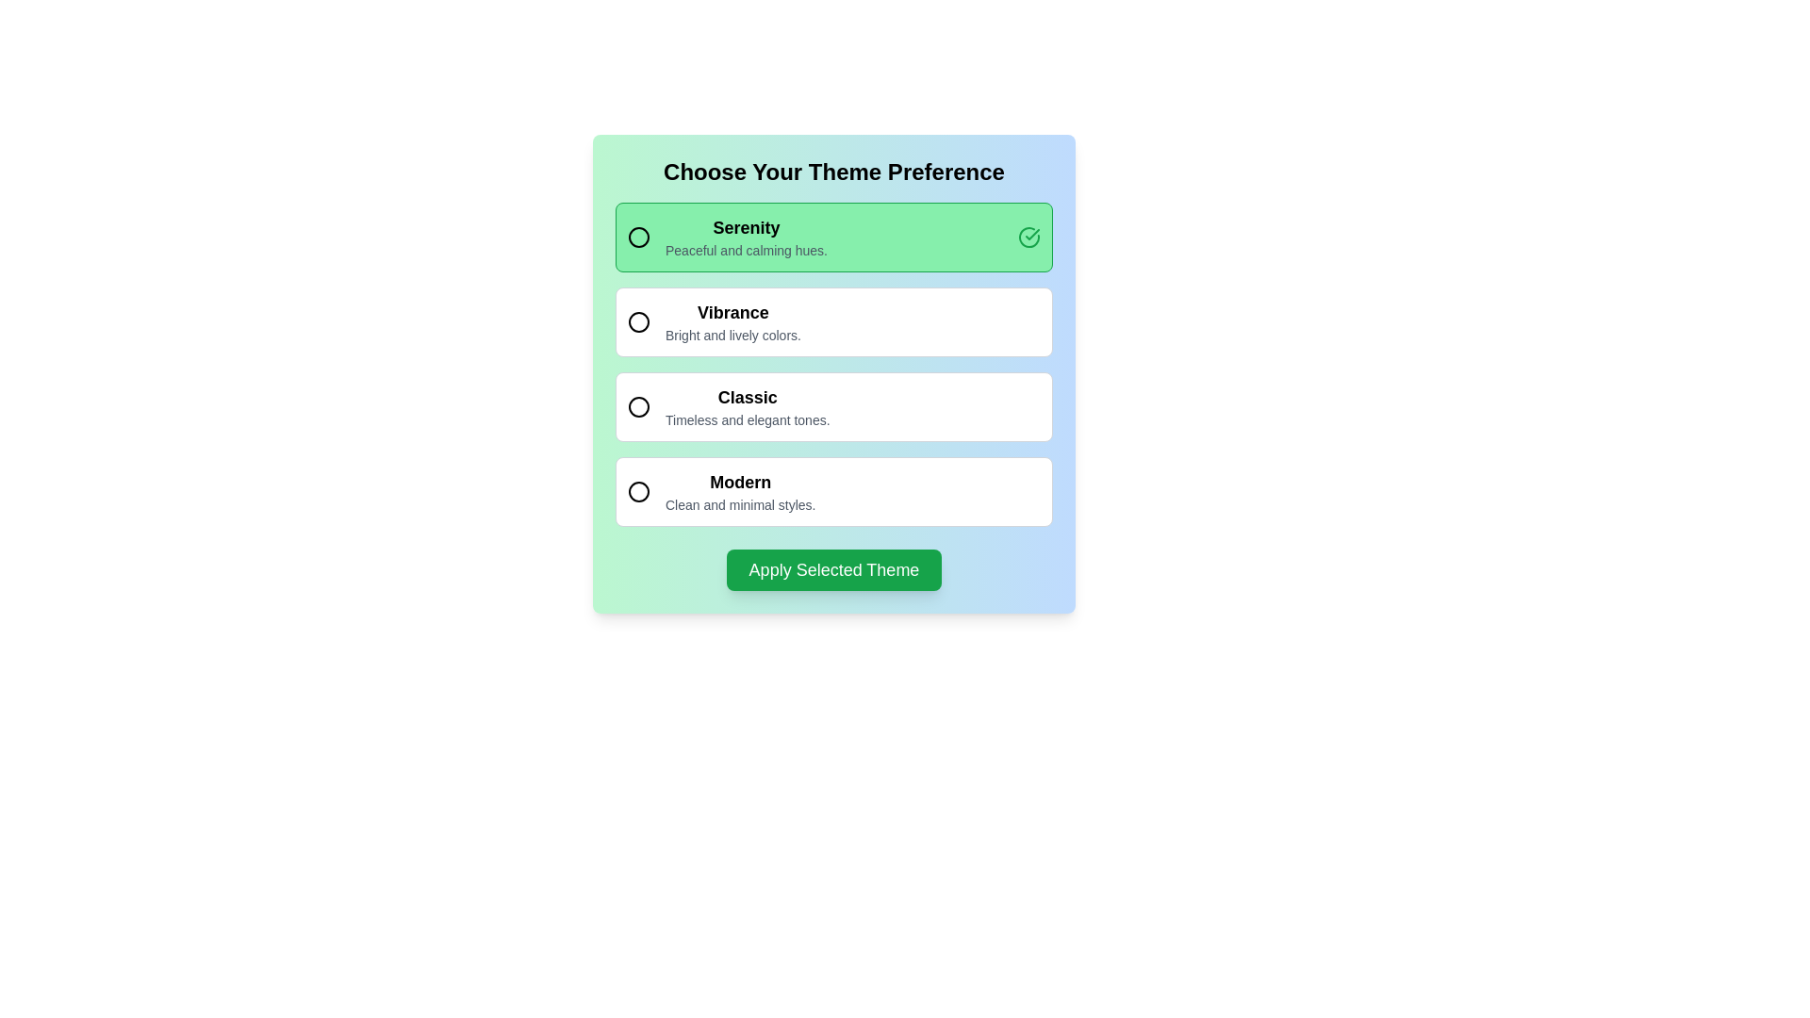 This screenshot has width=1810, height=1018. I want to click on the text element displaying 'Modern' in bold, larger font size, so click(739, 482).